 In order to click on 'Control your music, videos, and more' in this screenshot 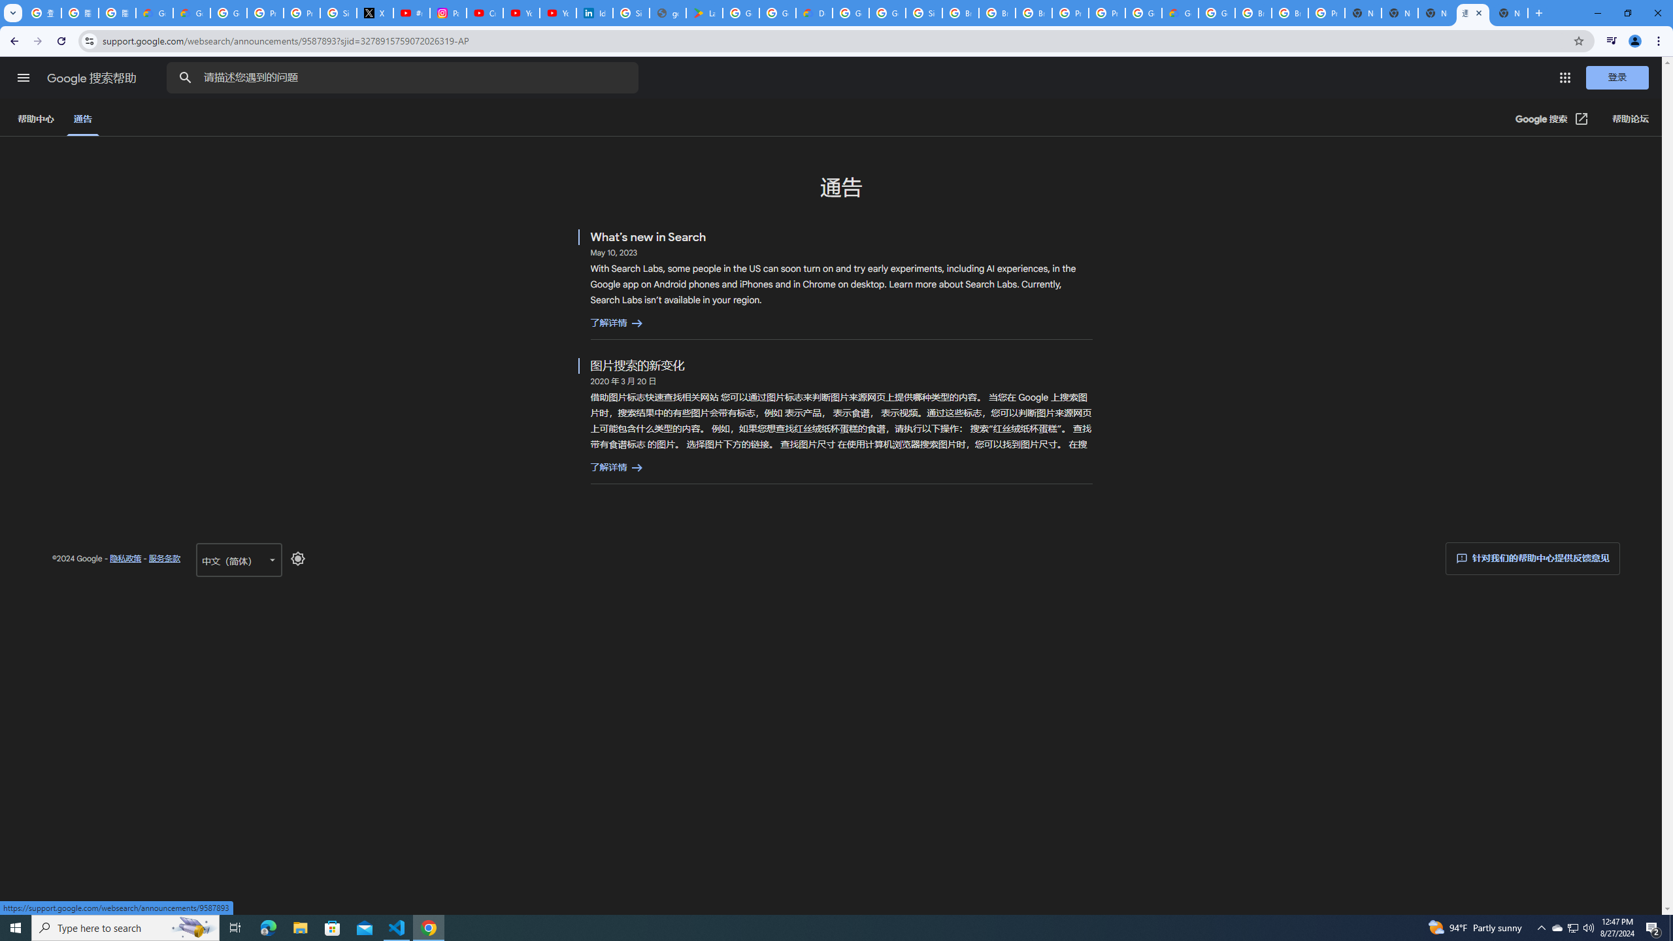, I will do `click(1612, 41)`.